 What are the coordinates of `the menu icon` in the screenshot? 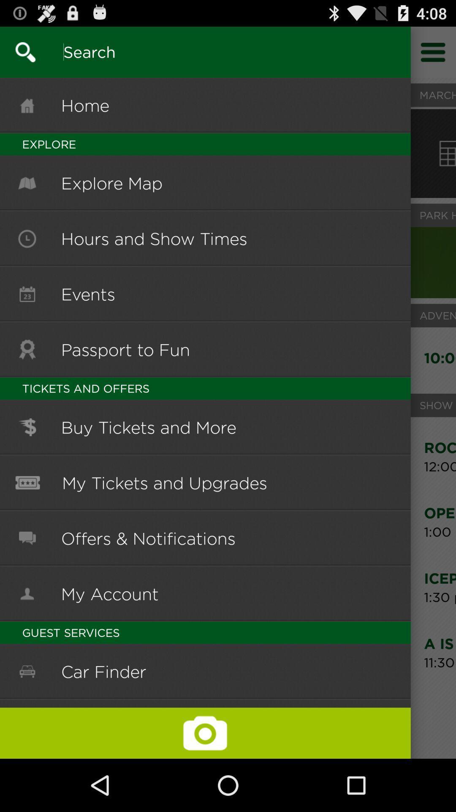 It's located at (433, 55).